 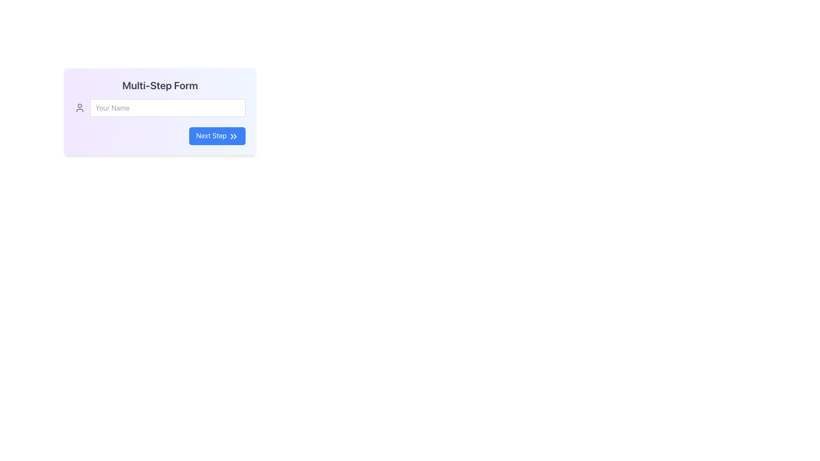 What do you see at coordinates (234, 136) in the screenshot?
I see `the chevrons icon located on the right side of the 'Next Step' button to indicate progression to the next step` at bounding box center [234, 136].